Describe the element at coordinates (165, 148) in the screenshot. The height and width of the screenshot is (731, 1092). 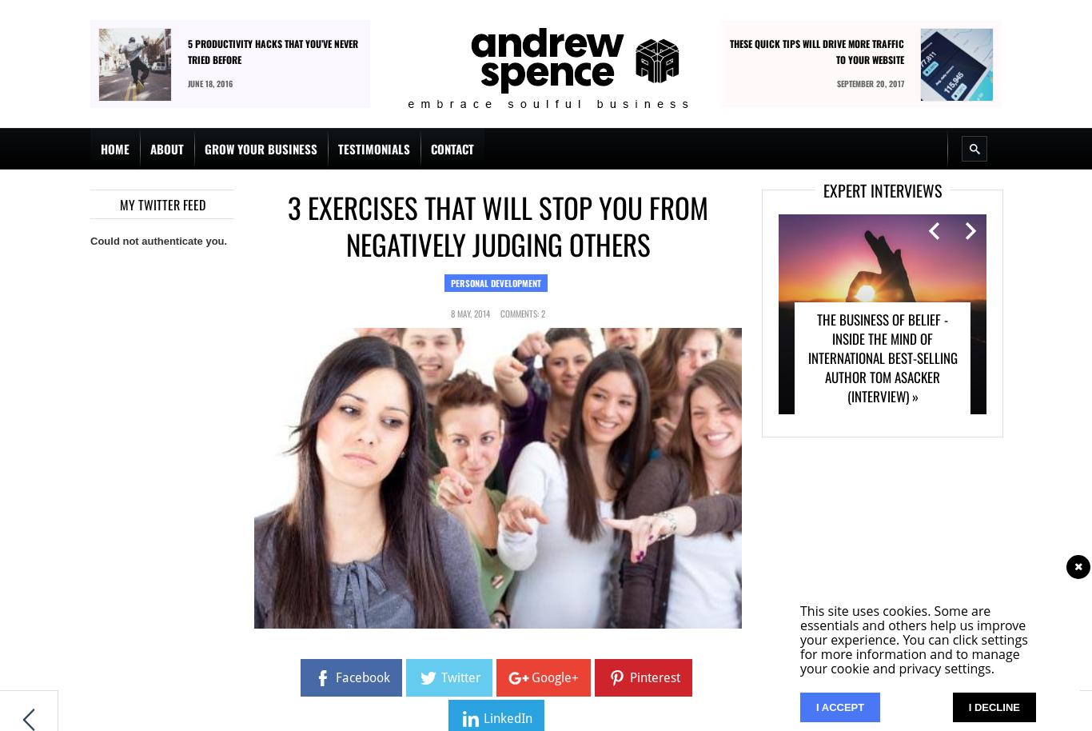
I see `'About'` at that location.